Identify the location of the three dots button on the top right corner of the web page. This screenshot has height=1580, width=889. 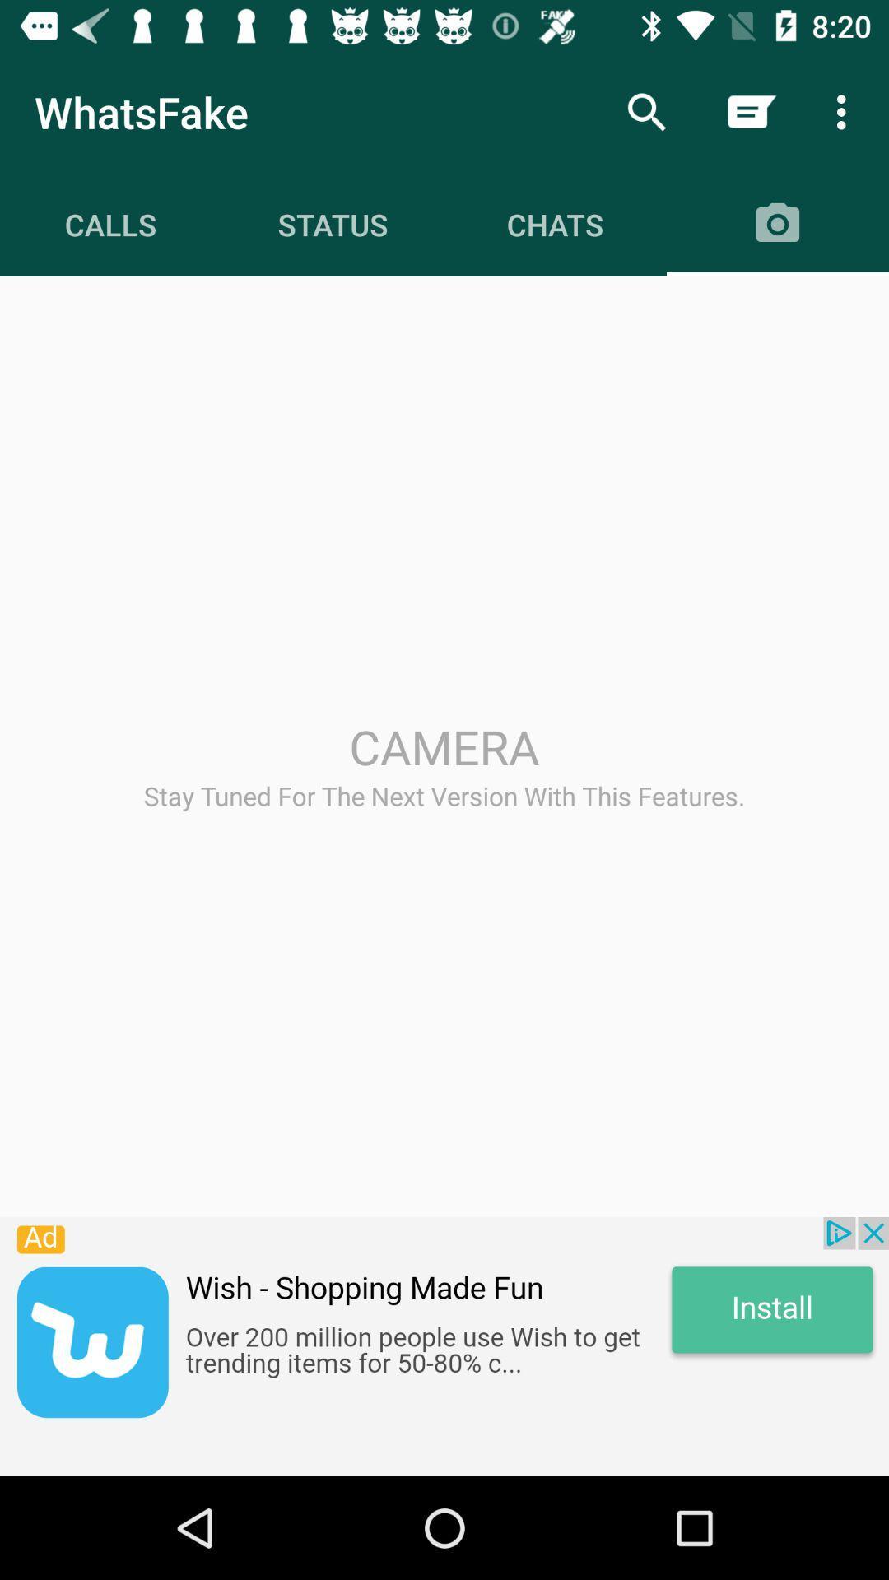
(845, 112).